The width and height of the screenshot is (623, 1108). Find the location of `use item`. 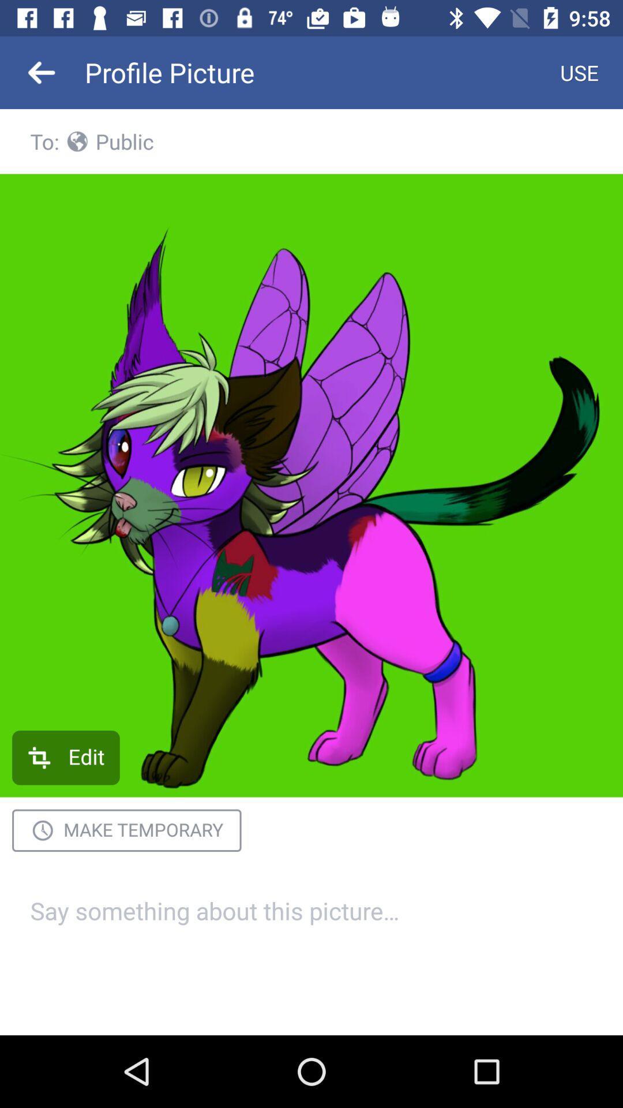

use item is located at coordinates (579, 72).